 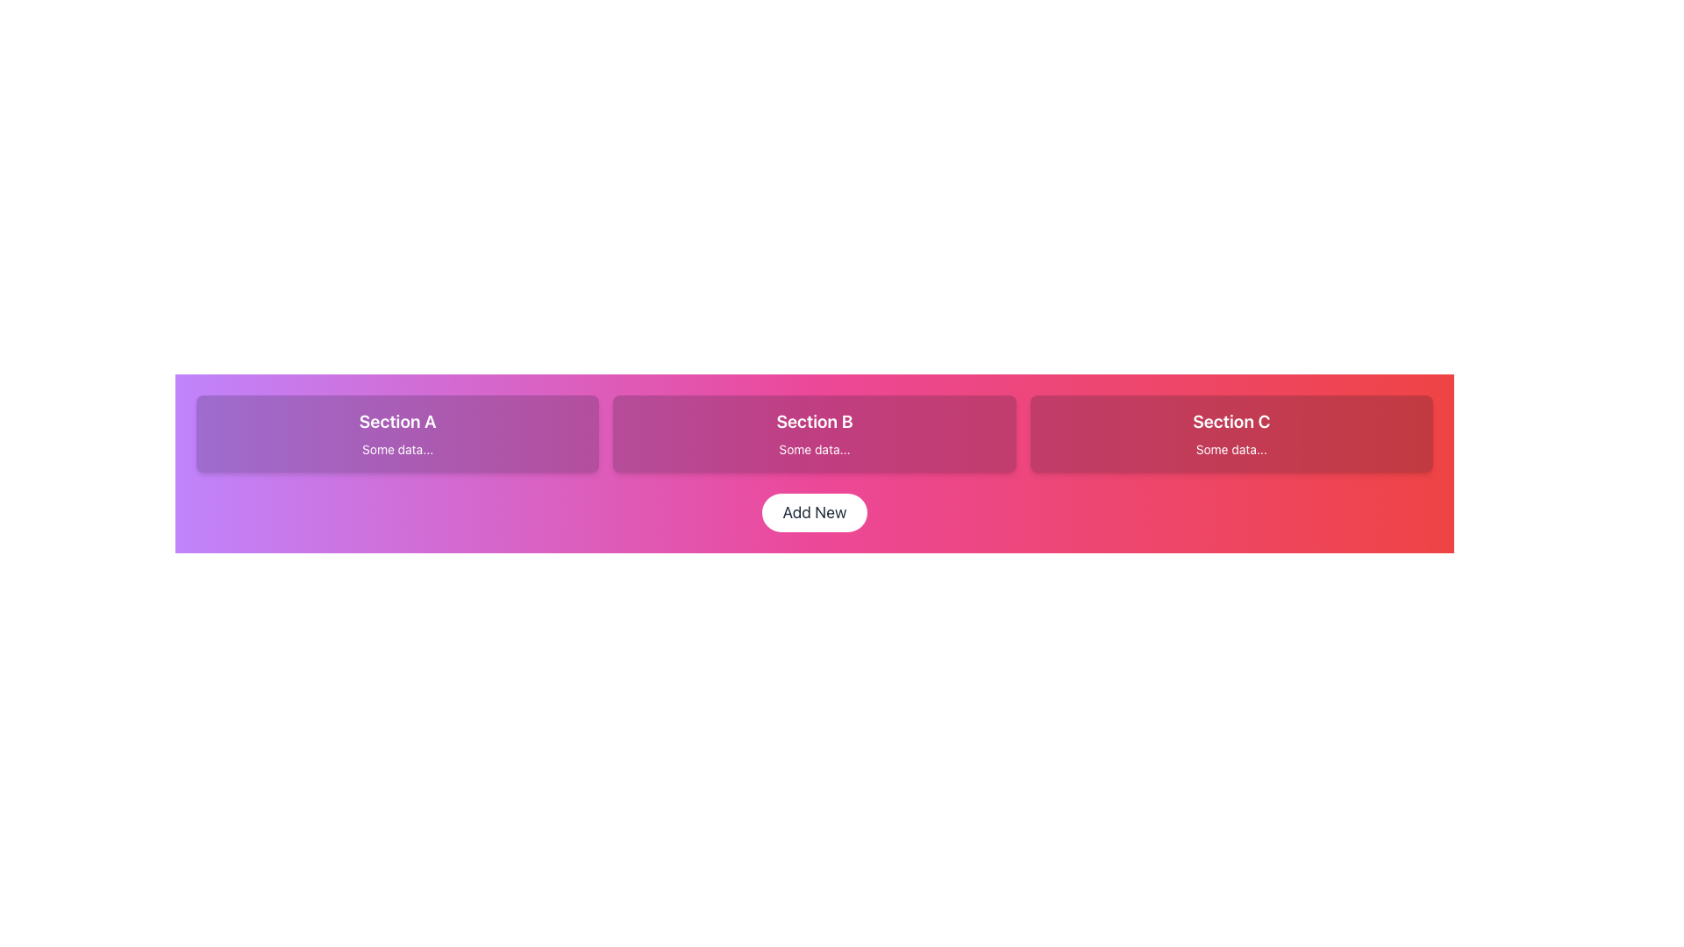 I want to click on the Informational Card that displays information related to 'Section B', located in the middle of a horizontally-aligned grid between 'Section A' and 'Section C', so click(x=813, y=433).